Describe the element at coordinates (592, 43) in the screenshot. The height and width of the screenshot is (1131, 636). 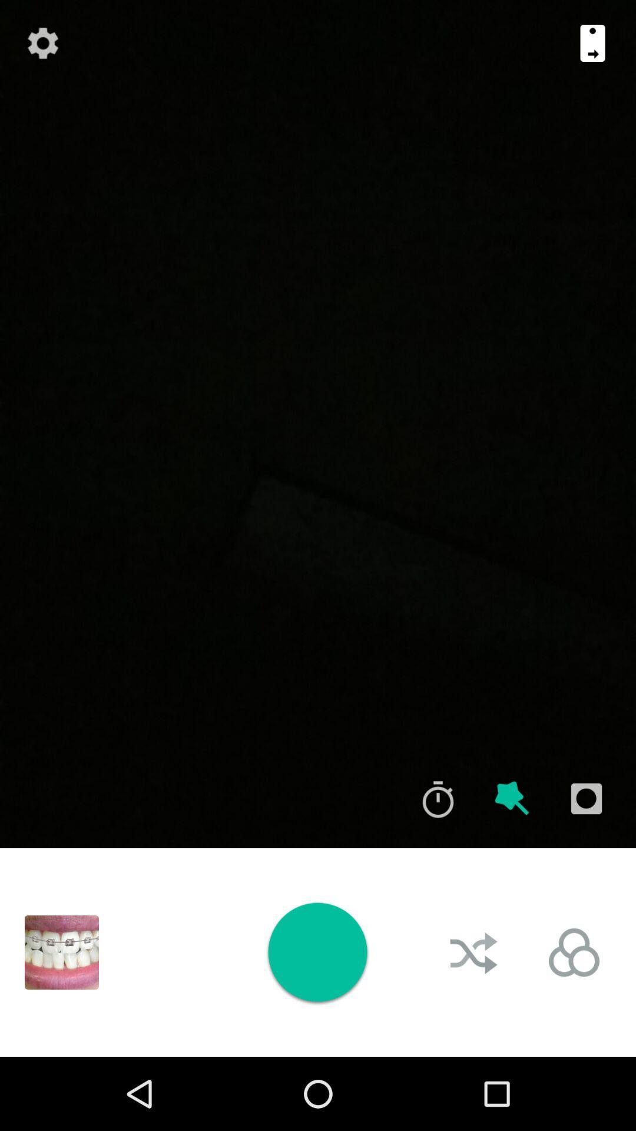
I see `the icon represented to goto previous option or menu` at that location.